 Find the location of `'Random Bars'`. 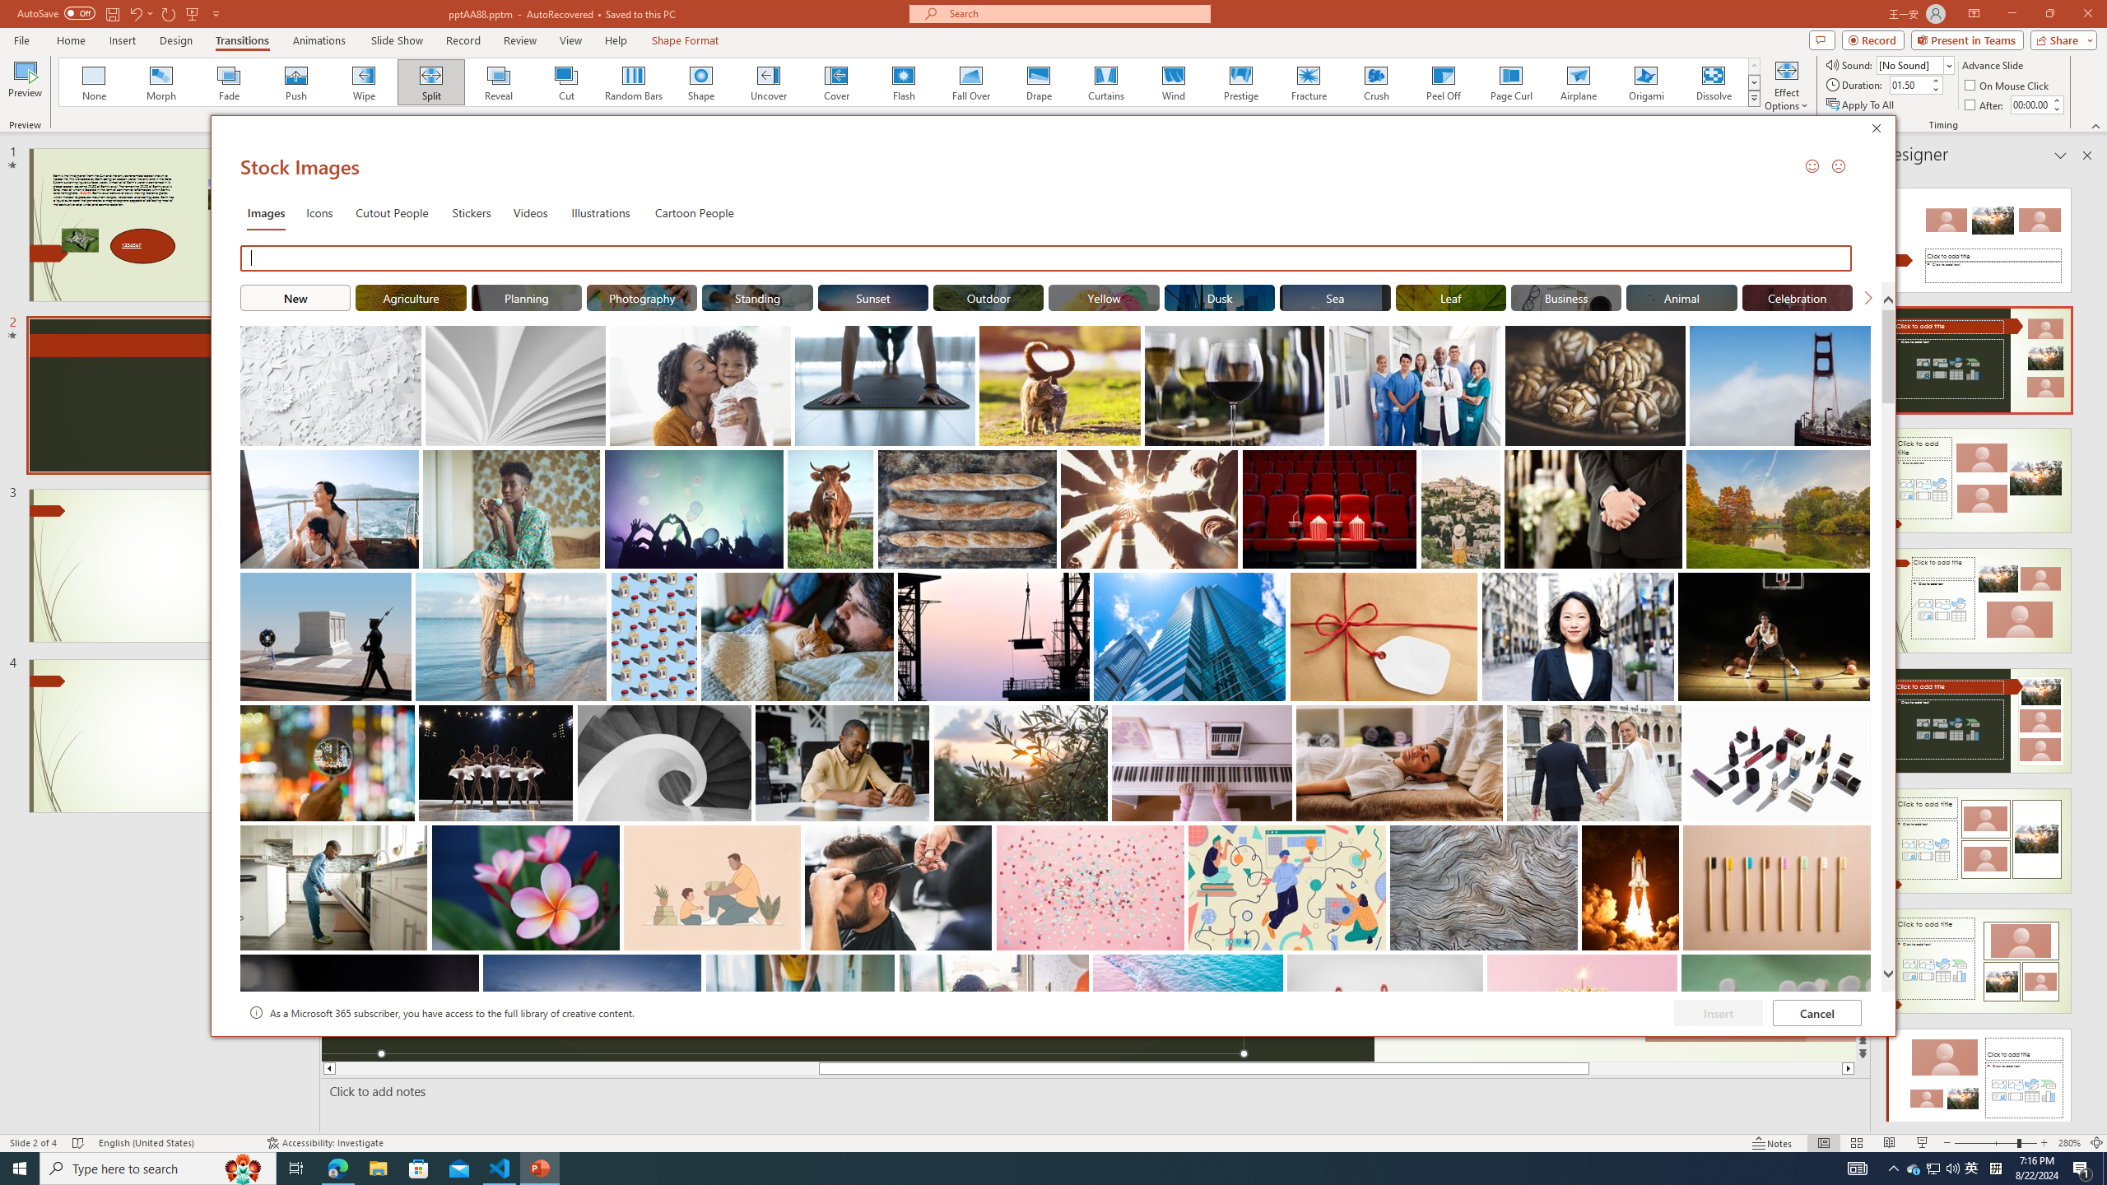

'Random Bars' is located at coordinates (634, 81).